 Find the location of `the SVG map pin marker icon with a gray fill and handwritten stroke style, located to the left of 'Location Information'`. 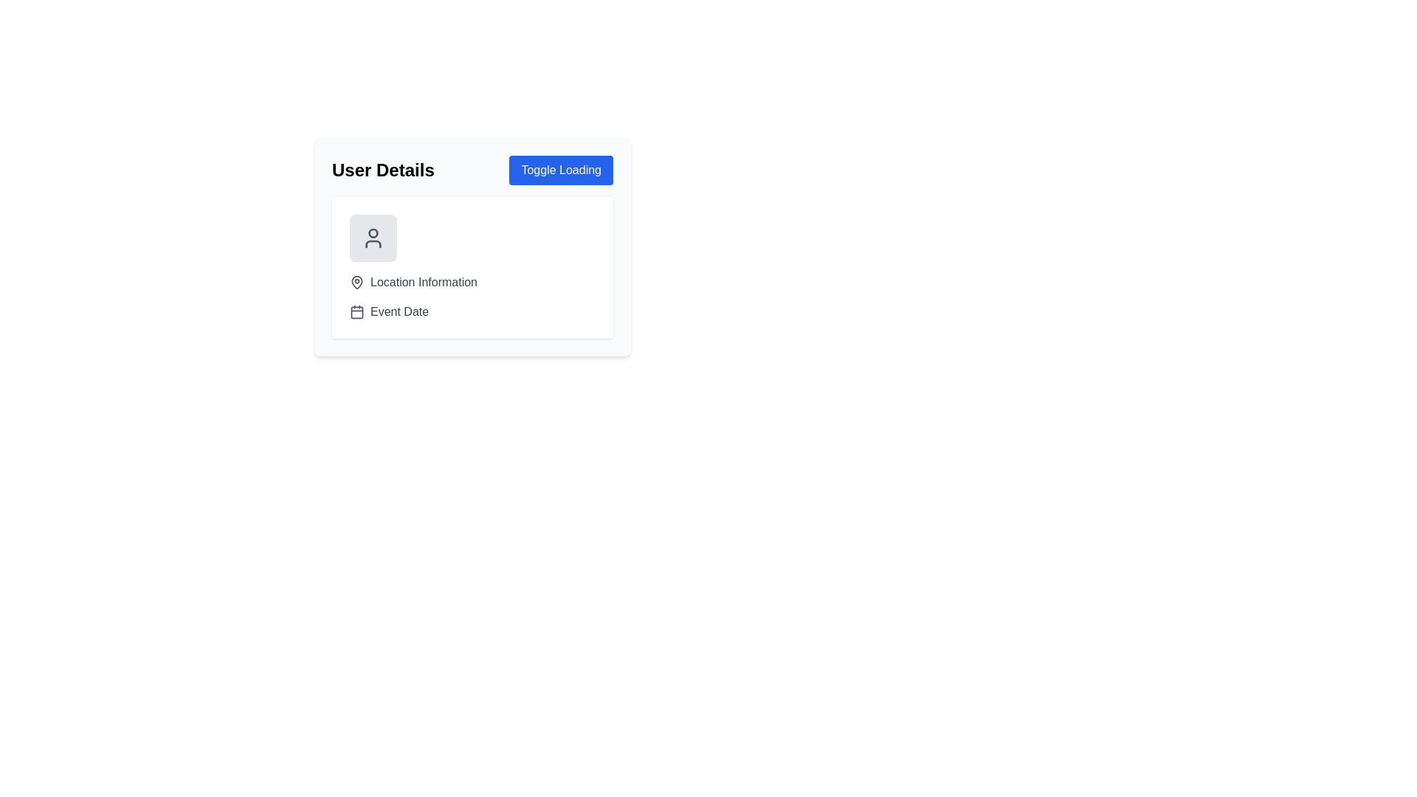

the SVG map pin marker icon with a gray fill and handwritten stroke style, located to the left of 'Location Information' is located at coordinates (357, 282).